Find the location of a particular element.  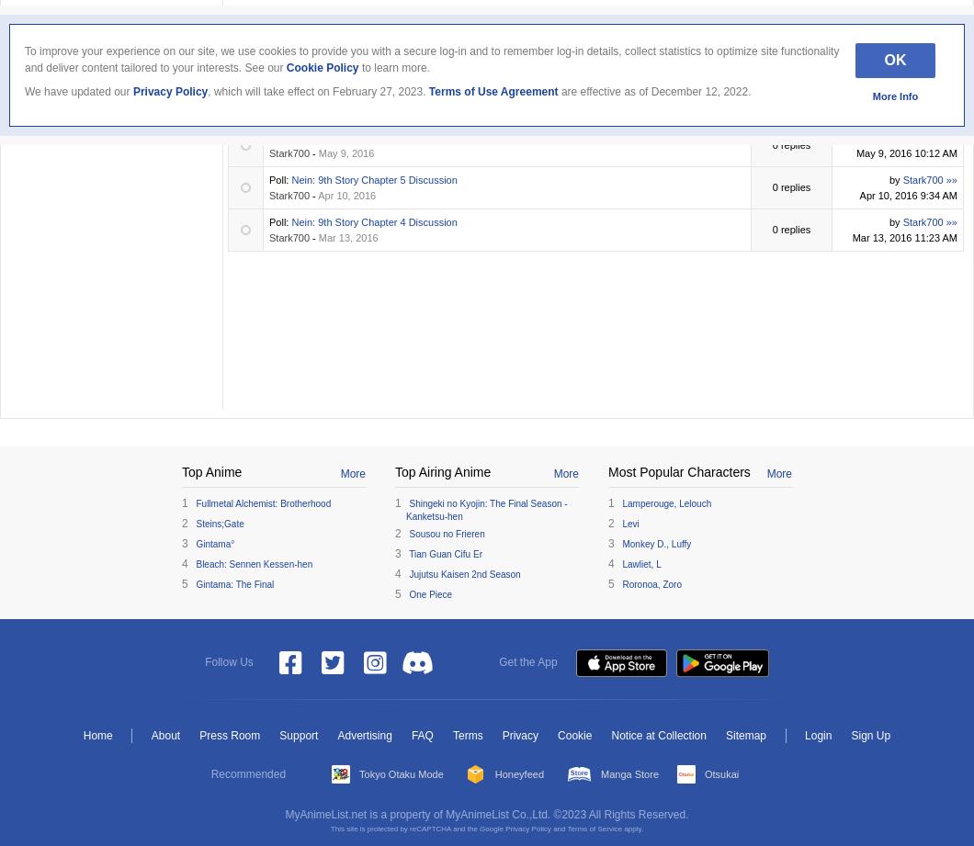

'Sitemap' is located at coordinates (723, 733).